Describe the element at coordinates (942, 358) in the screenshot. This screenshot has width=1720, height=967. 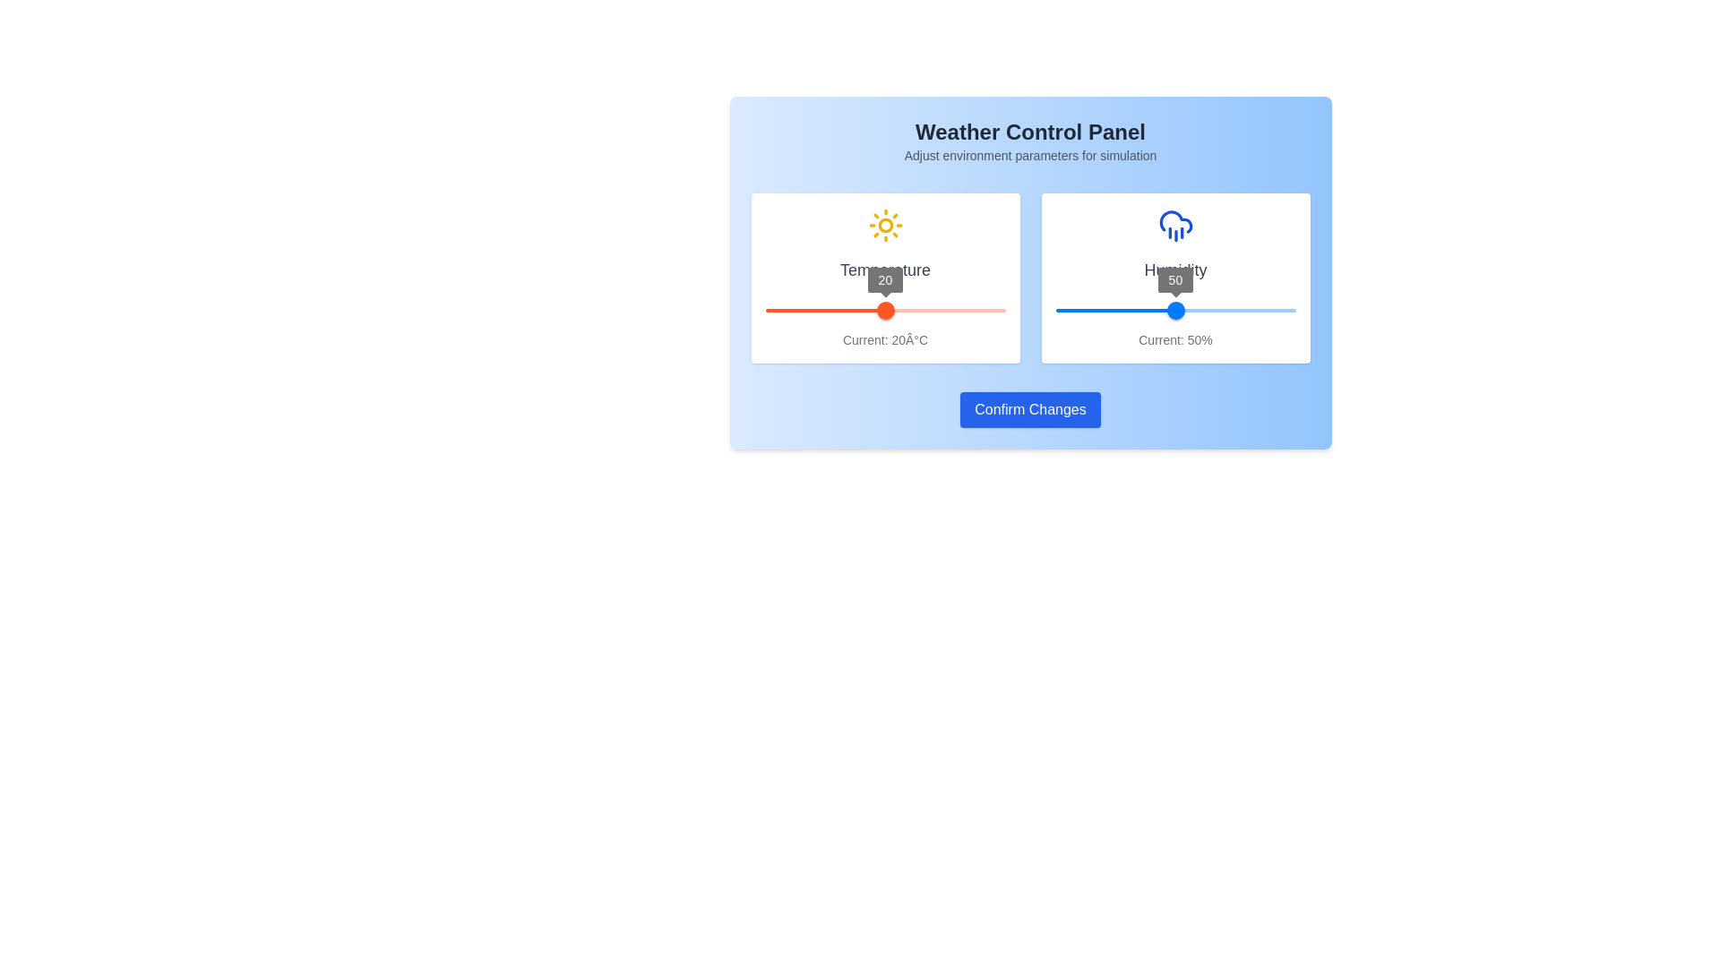
I see `the temperature` at that location.